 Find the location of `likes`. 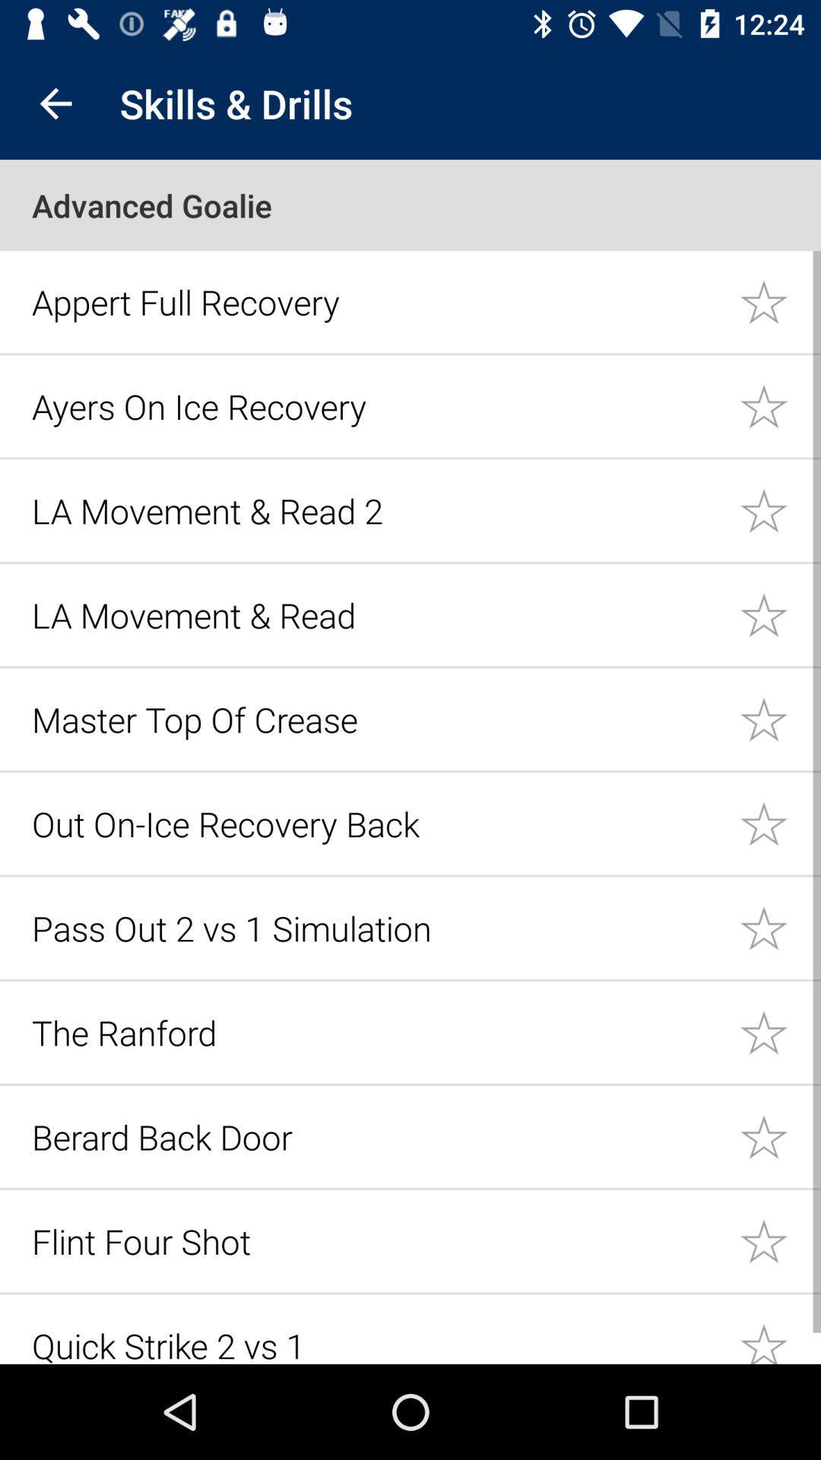

likes is located at coordinates (780, 614).